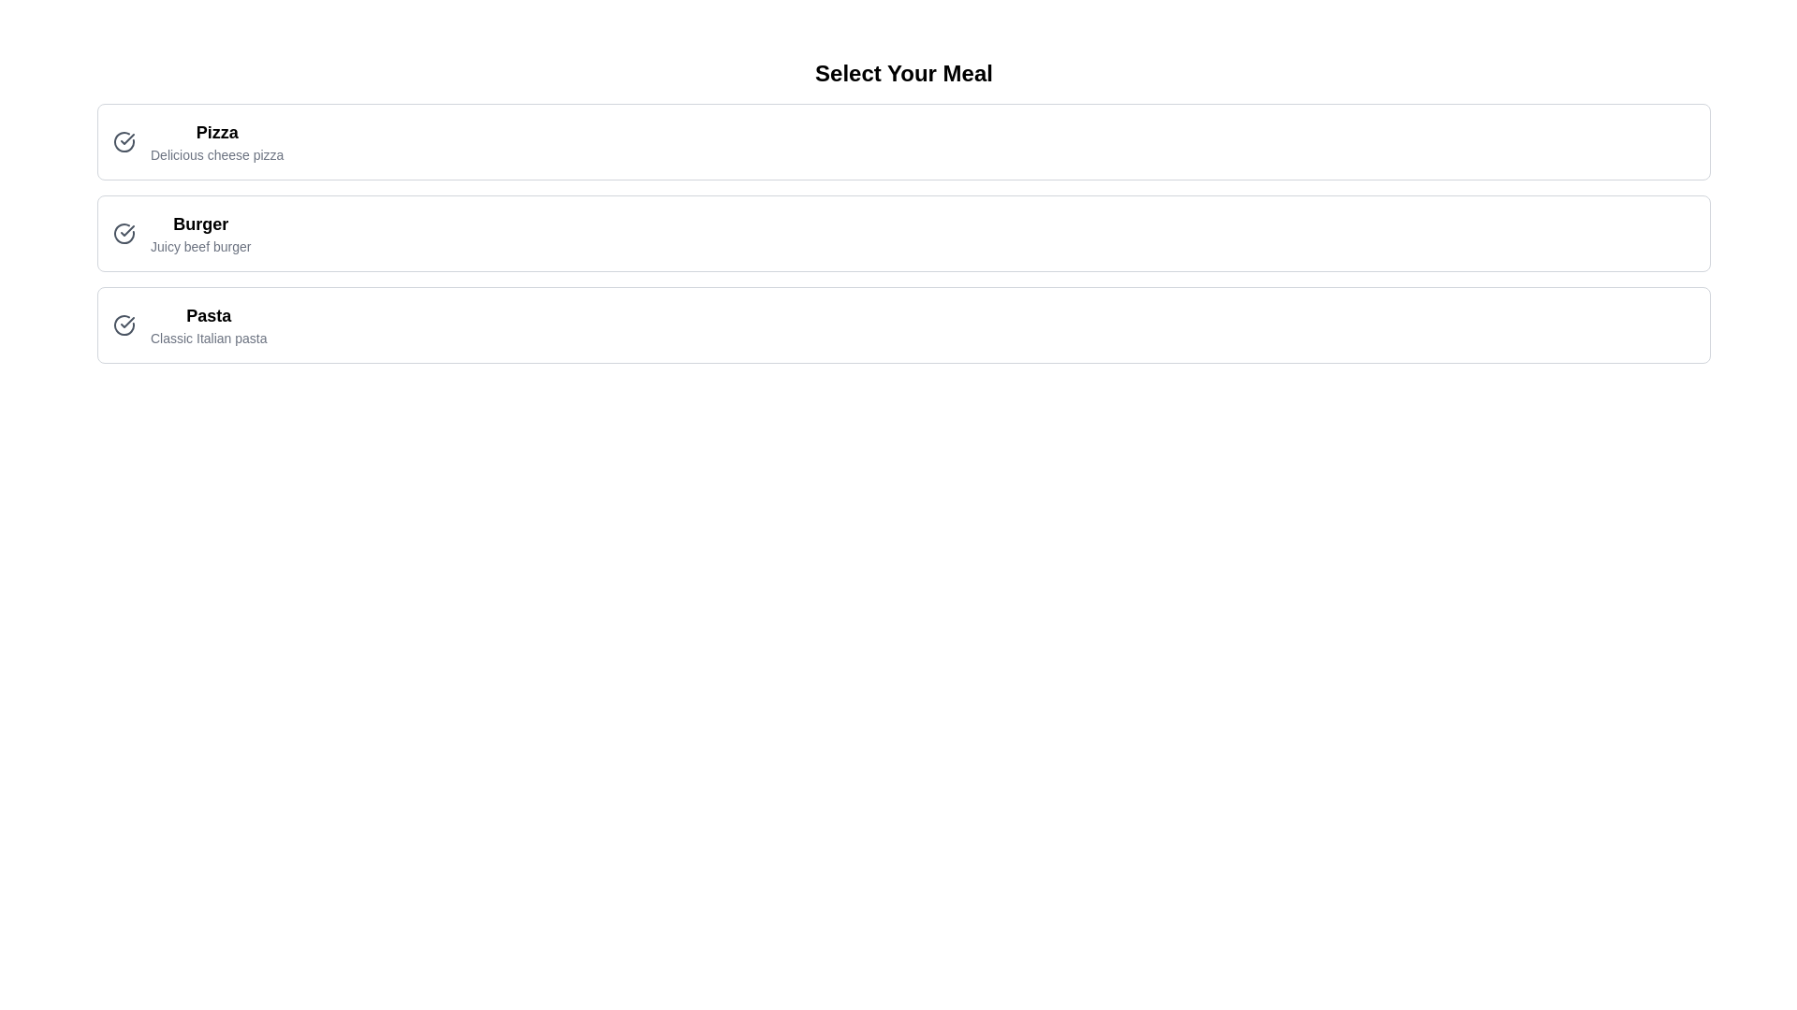 The image size is (1797, 1010). What do you see at coordinates (200, 245) in the screenshot?
I see `the static text label that provides a descriptive subtitle for the meal option 'Burger', located immediately below the 'Burger' text element` at bounding box center [200, 245].